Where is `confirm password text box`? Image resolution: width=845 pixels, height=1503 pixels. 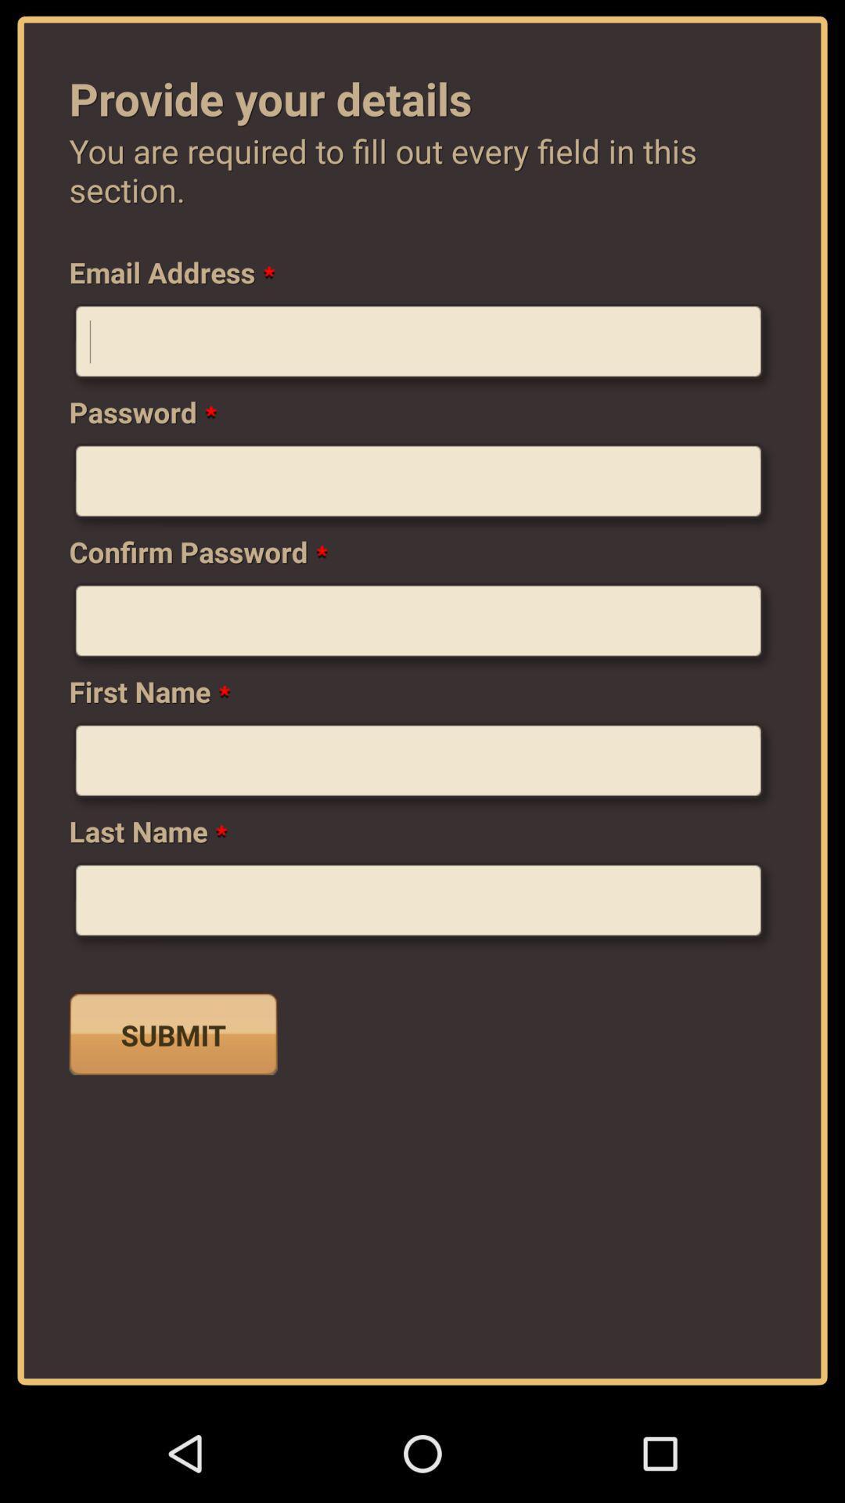
confirm password text box is located at coordinates (422, 627).